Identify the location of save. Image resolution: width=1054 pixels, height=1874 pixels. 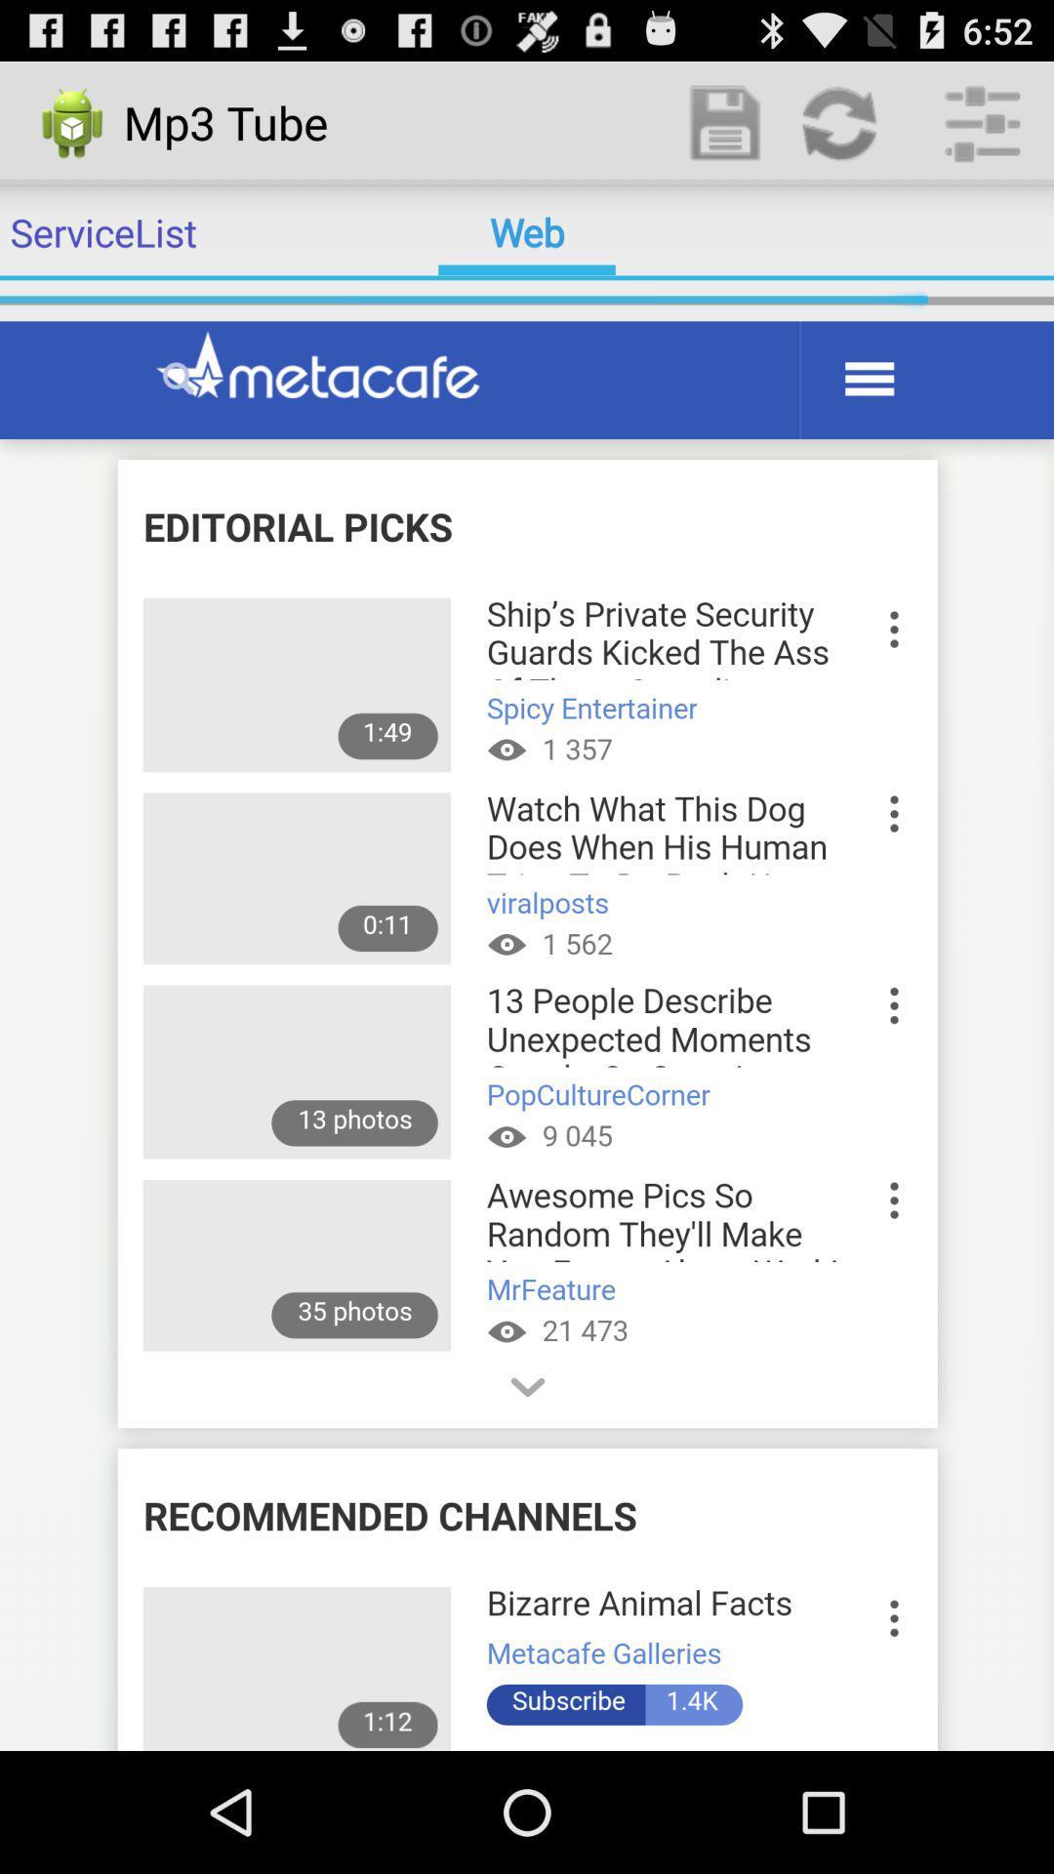
(726, 121).